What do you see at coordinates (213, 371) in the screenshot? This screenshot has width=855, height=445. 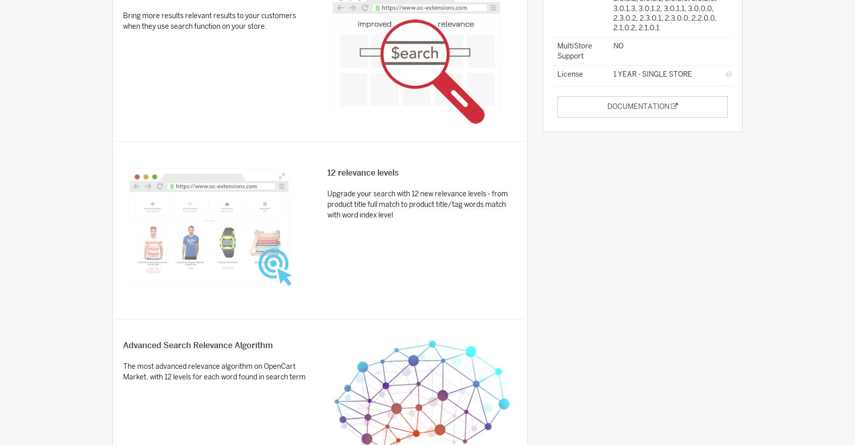 I see `'The most advanced relevance algorithm on OpenCart Market, with 12 levels for each word found in search term'` at bounding box center [213, 371].